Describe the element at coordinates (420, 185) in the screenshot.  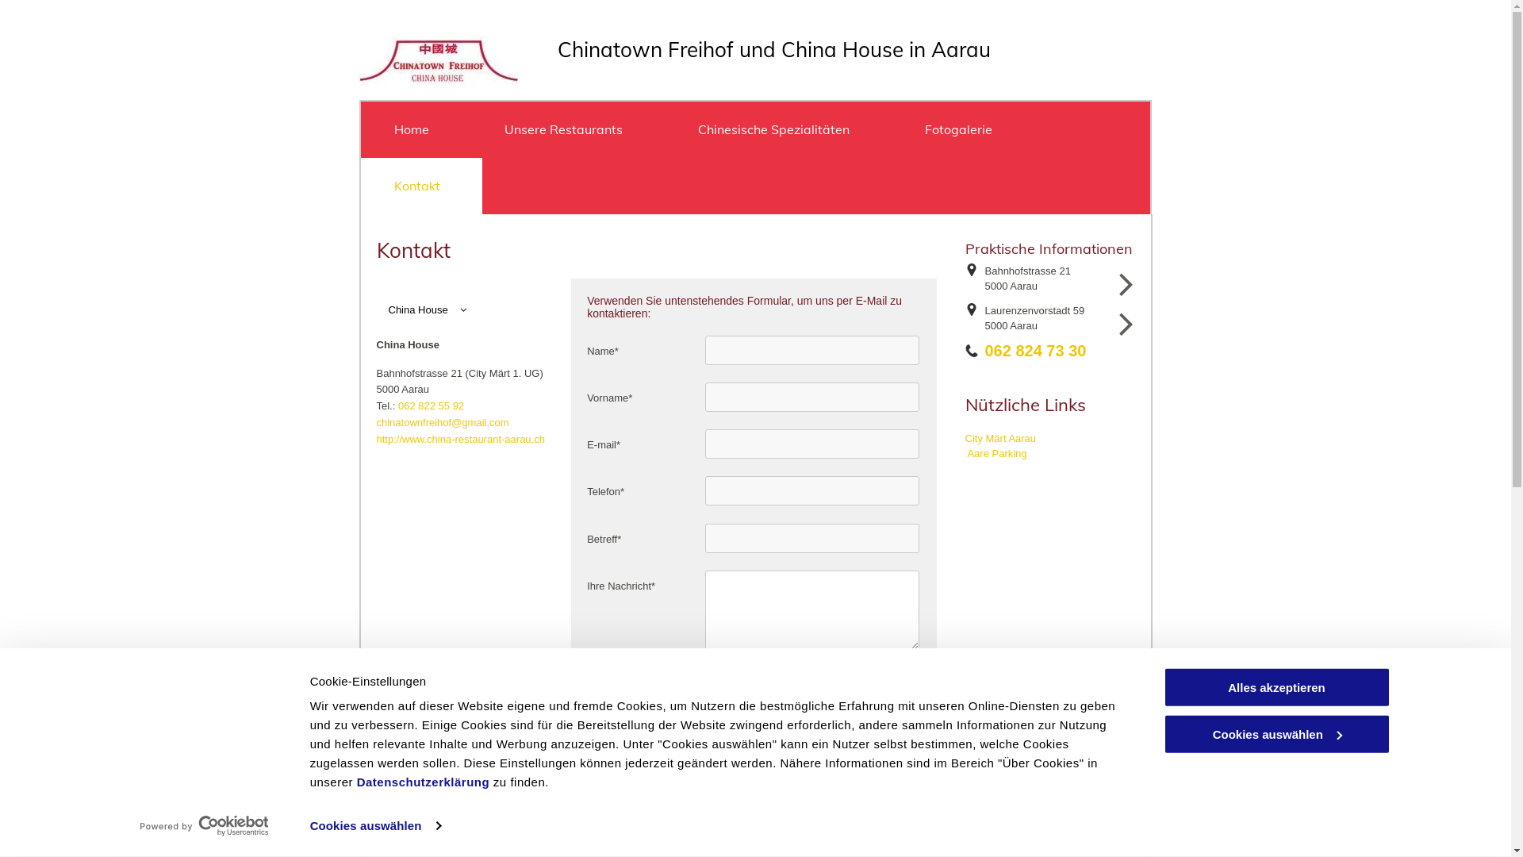
I see `'Kontakt'` at that location.